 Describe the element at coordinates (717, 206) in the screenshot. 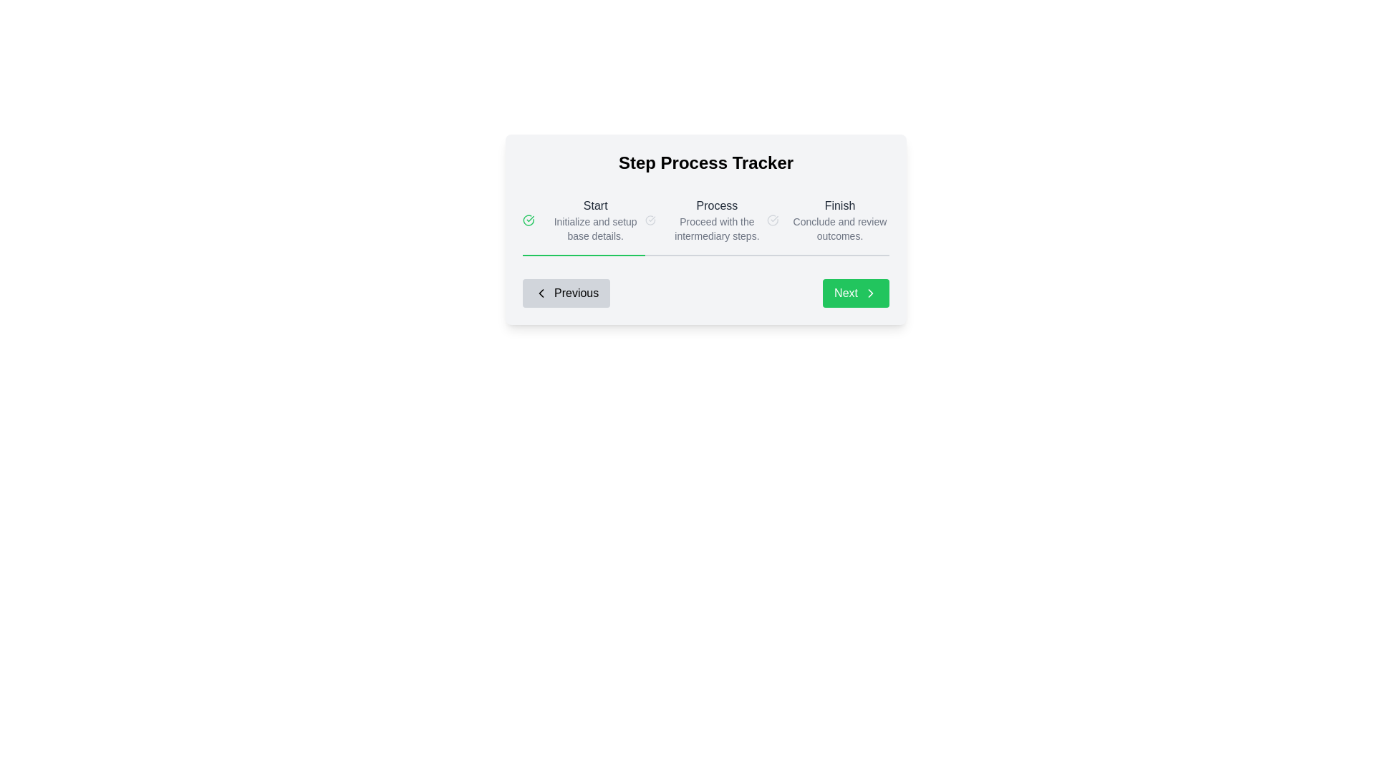

I see `the static label displaying the word 'Process' in dark gray color, which is centered in the step progression tracker layout` at that location.